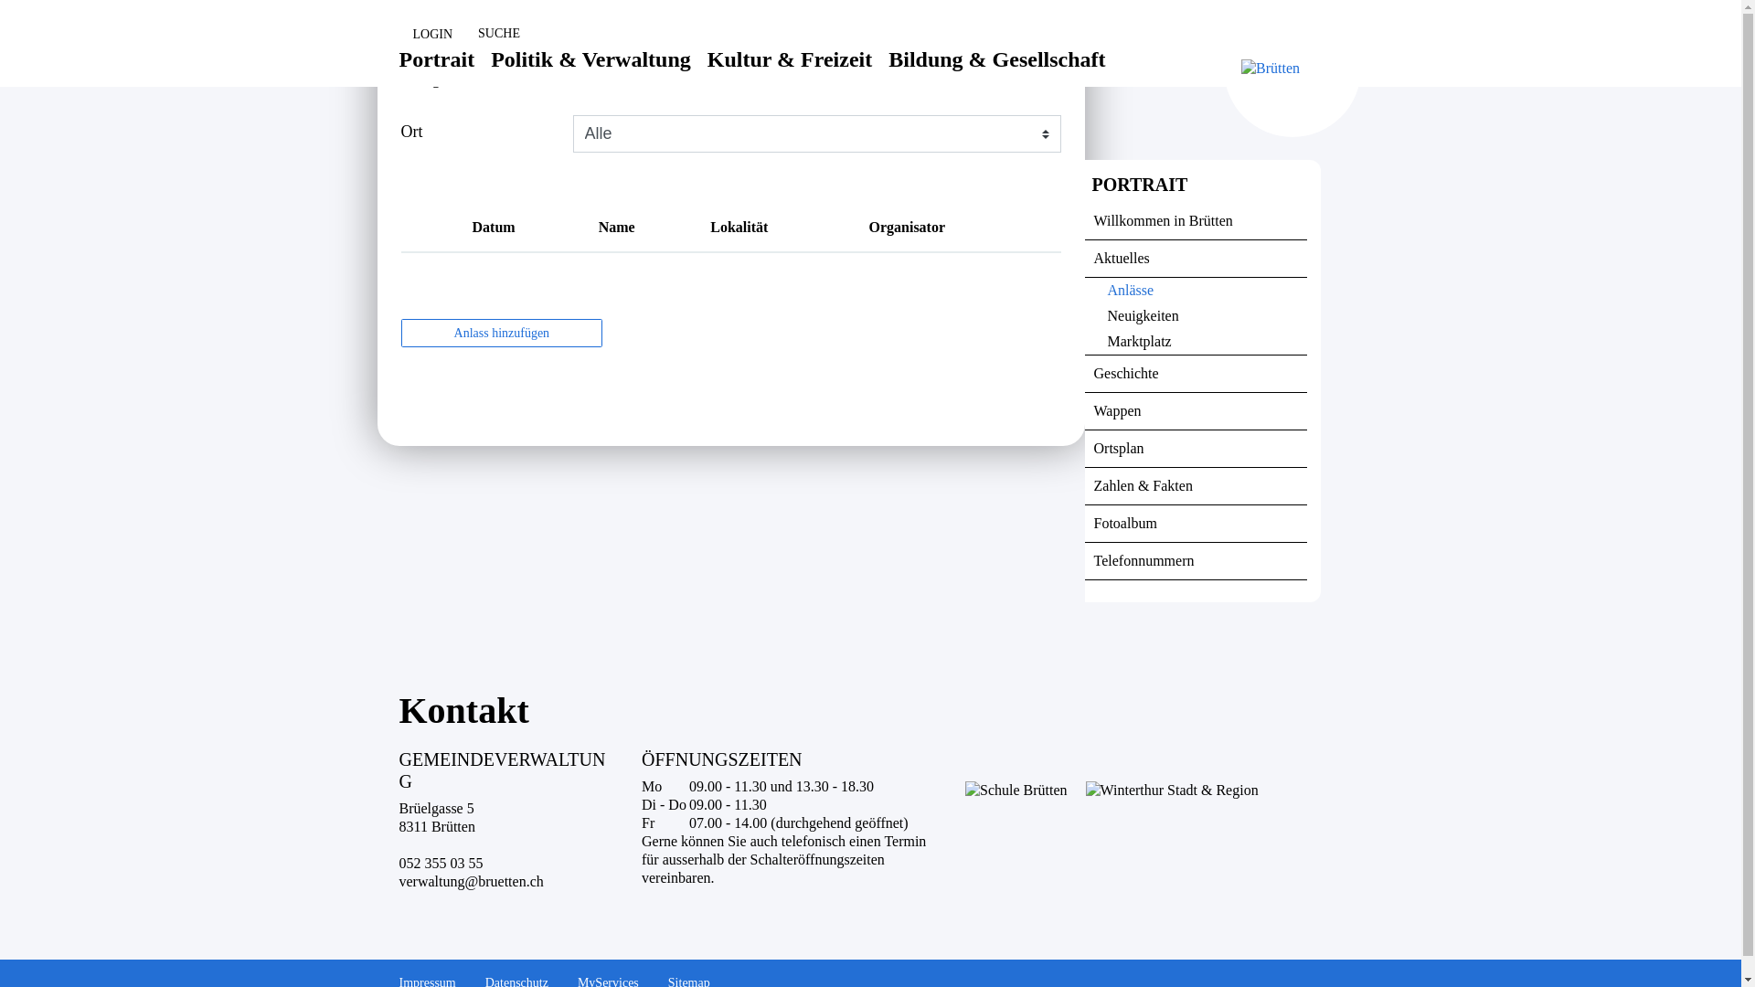 The image size is (1755, 987). What do you see at coordinates (706, 73) in the screenshot?
I see `'Kultur & Freizeit'` at bounding box center [706, 73].